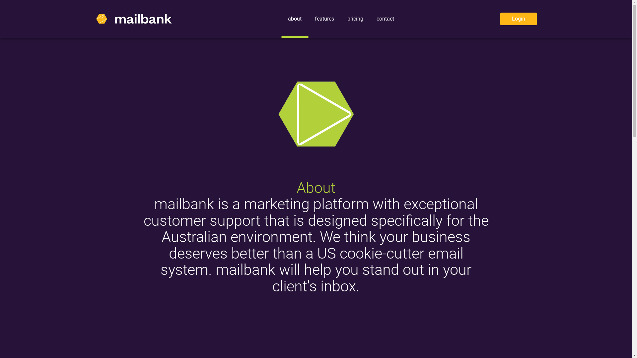  I want to click on 'pricing', so click(355, 19).